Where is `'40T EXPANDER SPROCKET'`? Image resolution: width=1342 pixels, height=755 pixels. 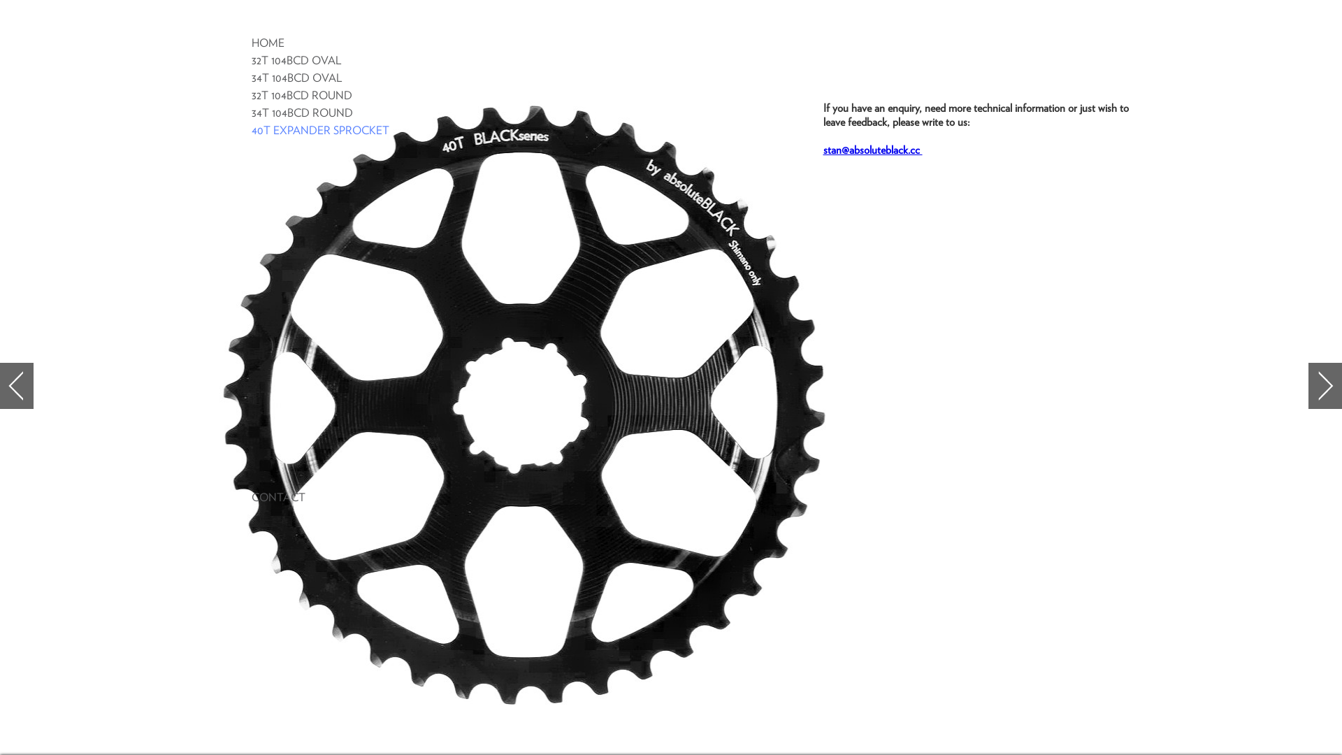
'40T EXPANDER SPROCKET' is located at coordinates (319, 130).